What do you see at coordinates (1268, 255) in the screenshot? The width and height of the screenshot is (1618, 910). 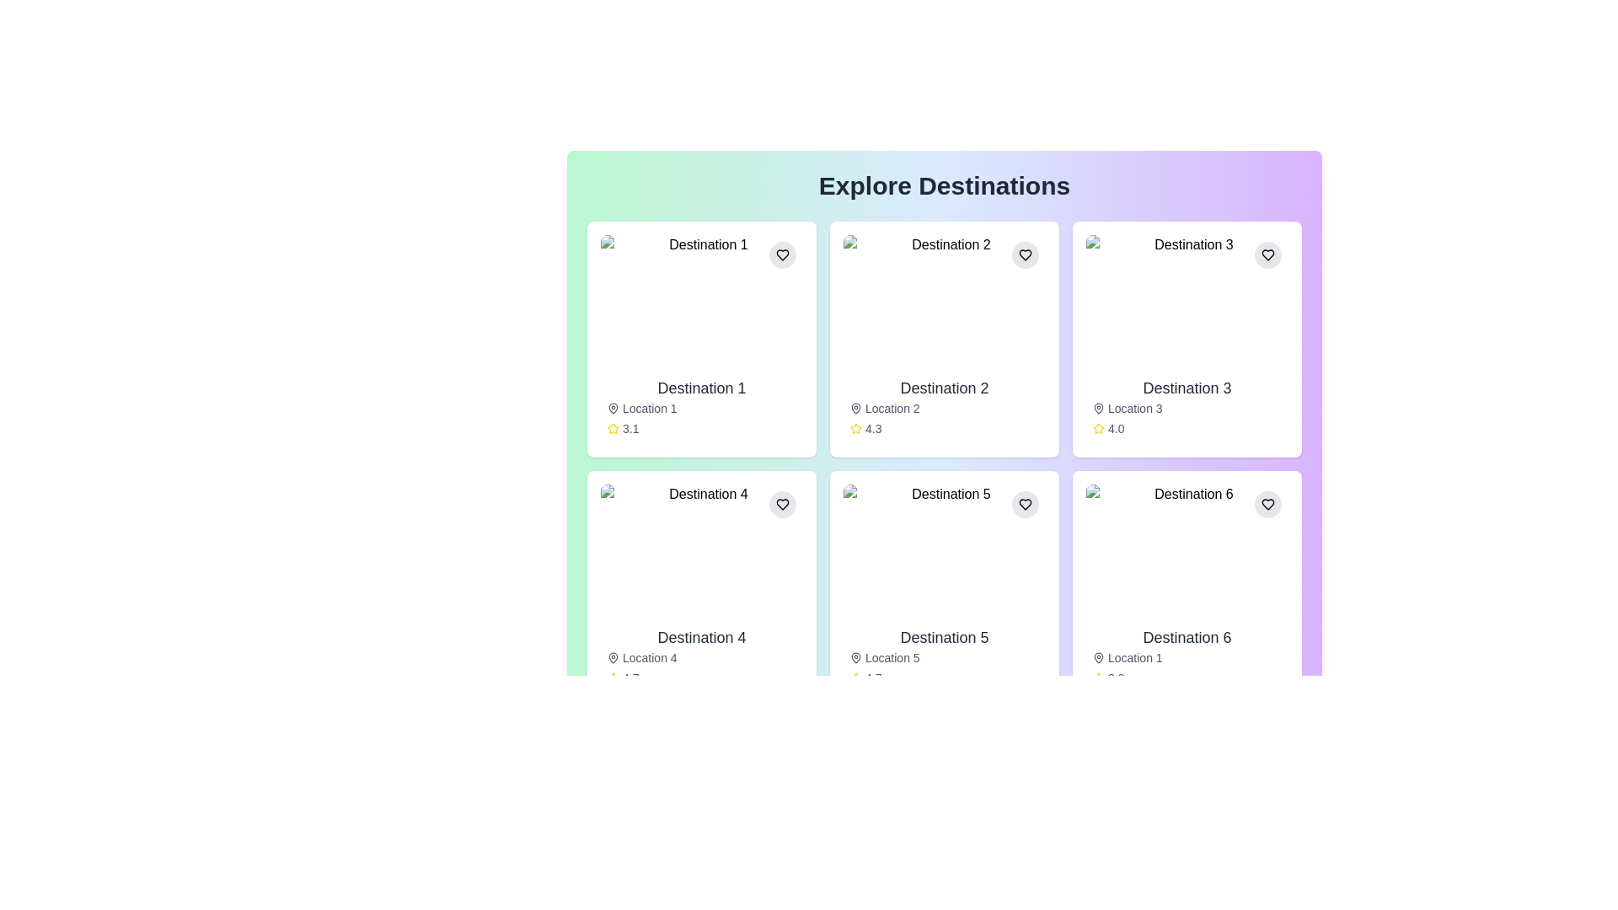 I see `the favorite icon located in the top-right section of the card labeled 'Destination 3', which allows users to mark it as a favorite` at bounding box center [1268, 255].